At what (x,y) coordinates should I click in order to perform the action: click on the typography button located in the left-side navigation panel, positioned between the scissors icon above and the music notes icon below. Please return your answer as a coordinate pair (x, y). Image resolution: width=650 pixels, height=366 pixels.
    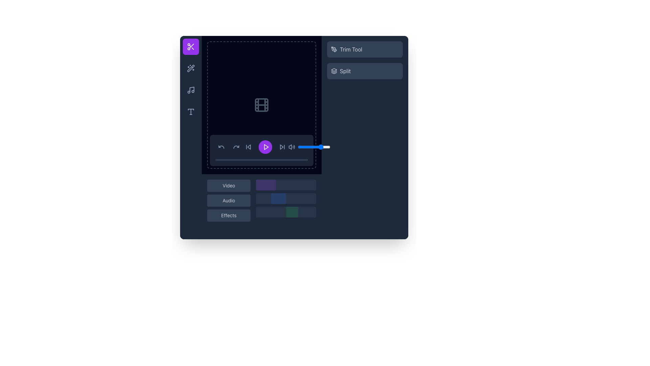
    Looking at the image, I should click on (191, 111).